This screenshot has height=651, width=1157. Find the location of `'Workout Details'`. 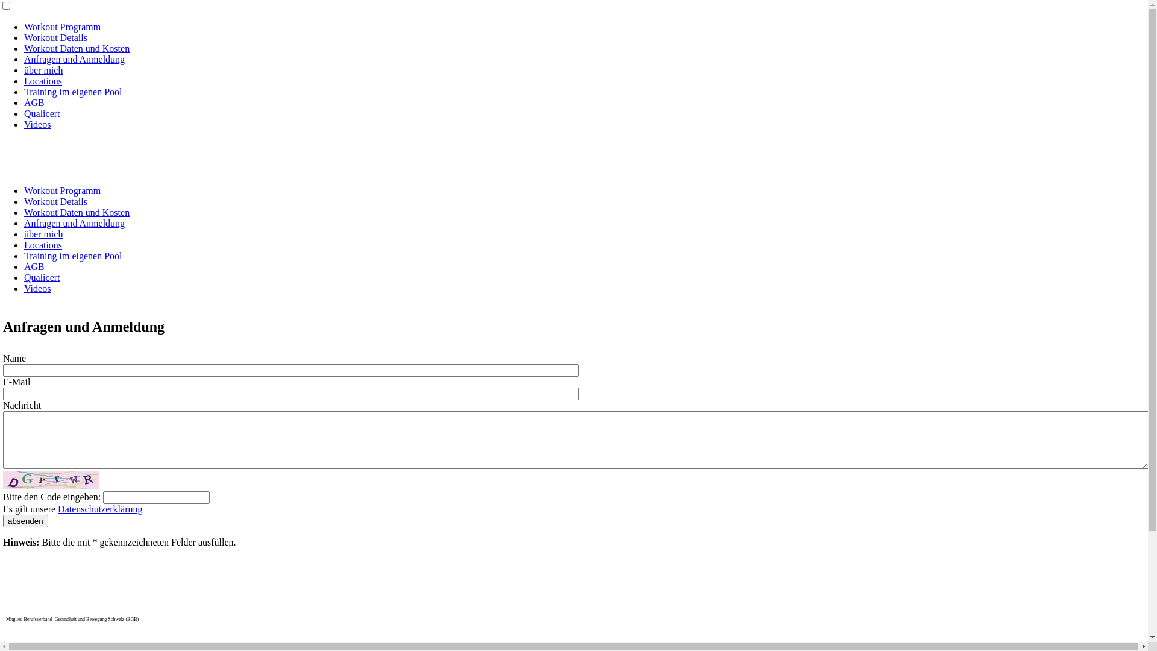

'Workout Details' is located at coordinates (55, 37).